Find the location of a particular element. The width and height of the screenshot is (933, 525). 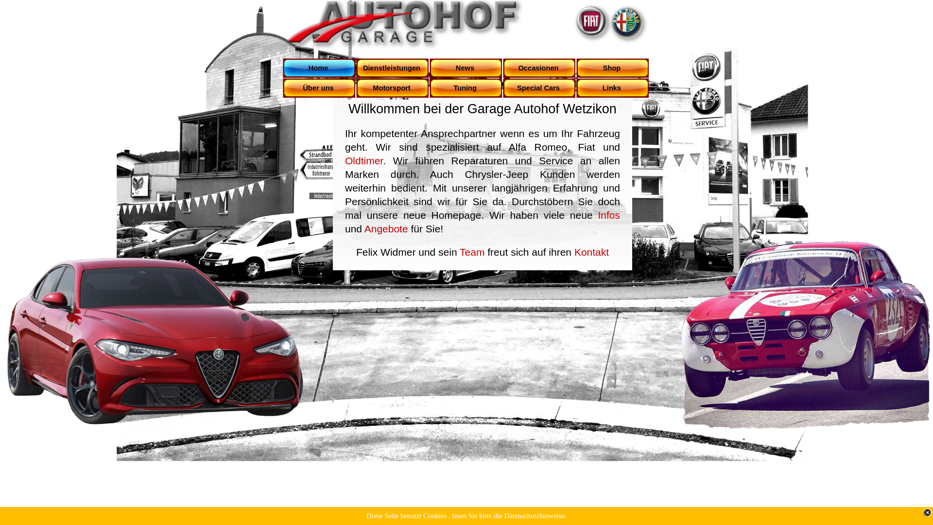

'Tuning' is located at coordinates (466, 88).